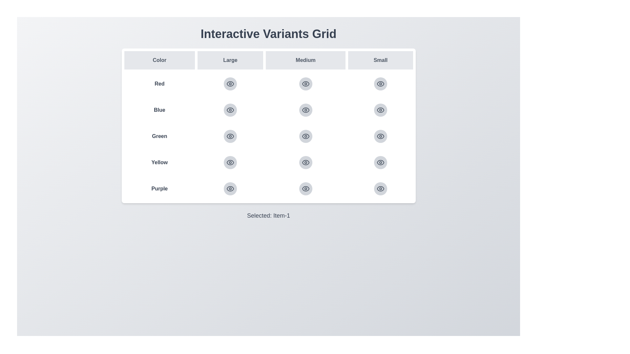  Describe the element at coordinates (305, 162) in the screenshot. I see `the Eye icon button located in the fourth row and third column of the Interactive Variants Grid` at that location.